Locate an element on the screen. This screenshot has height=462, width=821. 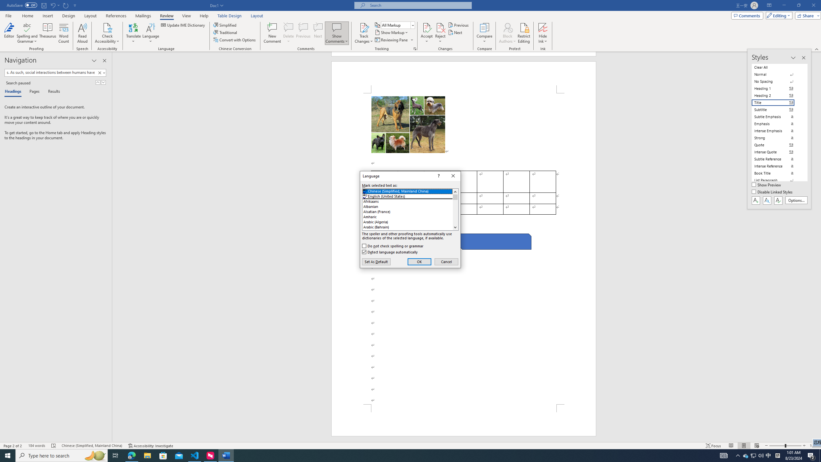
'Previous Result' is located at coordinates (98, 82).